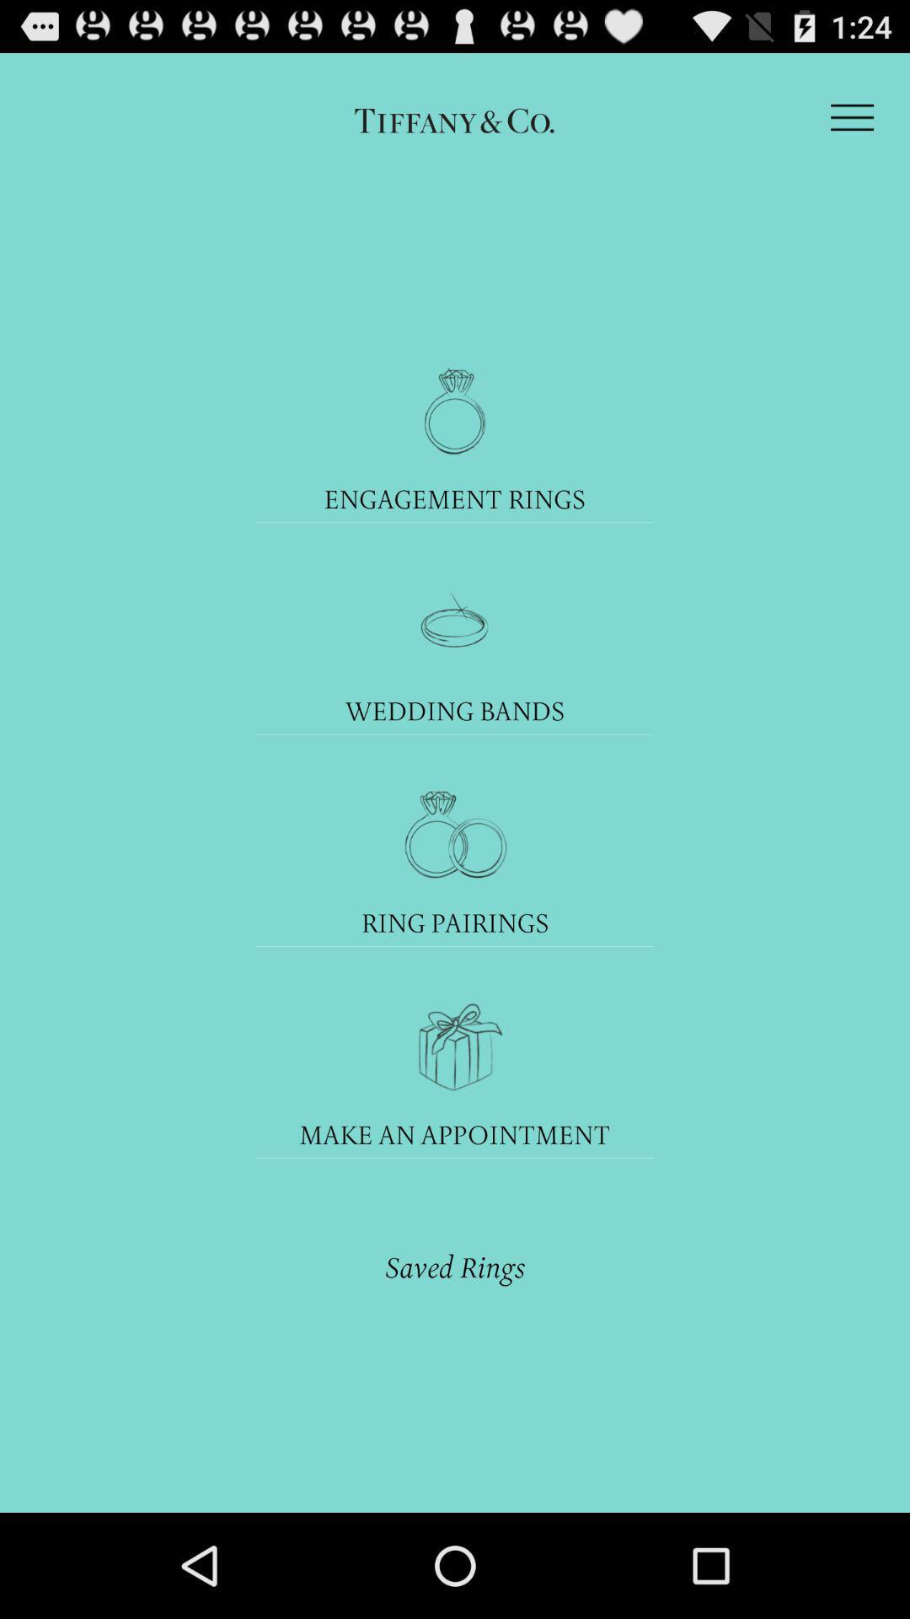  I want to click on the menu icon, so click(852, 125).